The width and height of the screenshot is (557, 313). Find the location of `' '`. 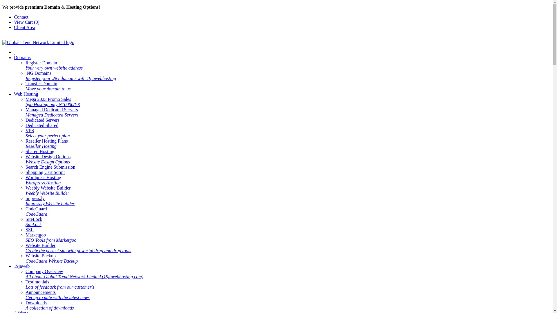

' ' is located at coordinates (14, 52).